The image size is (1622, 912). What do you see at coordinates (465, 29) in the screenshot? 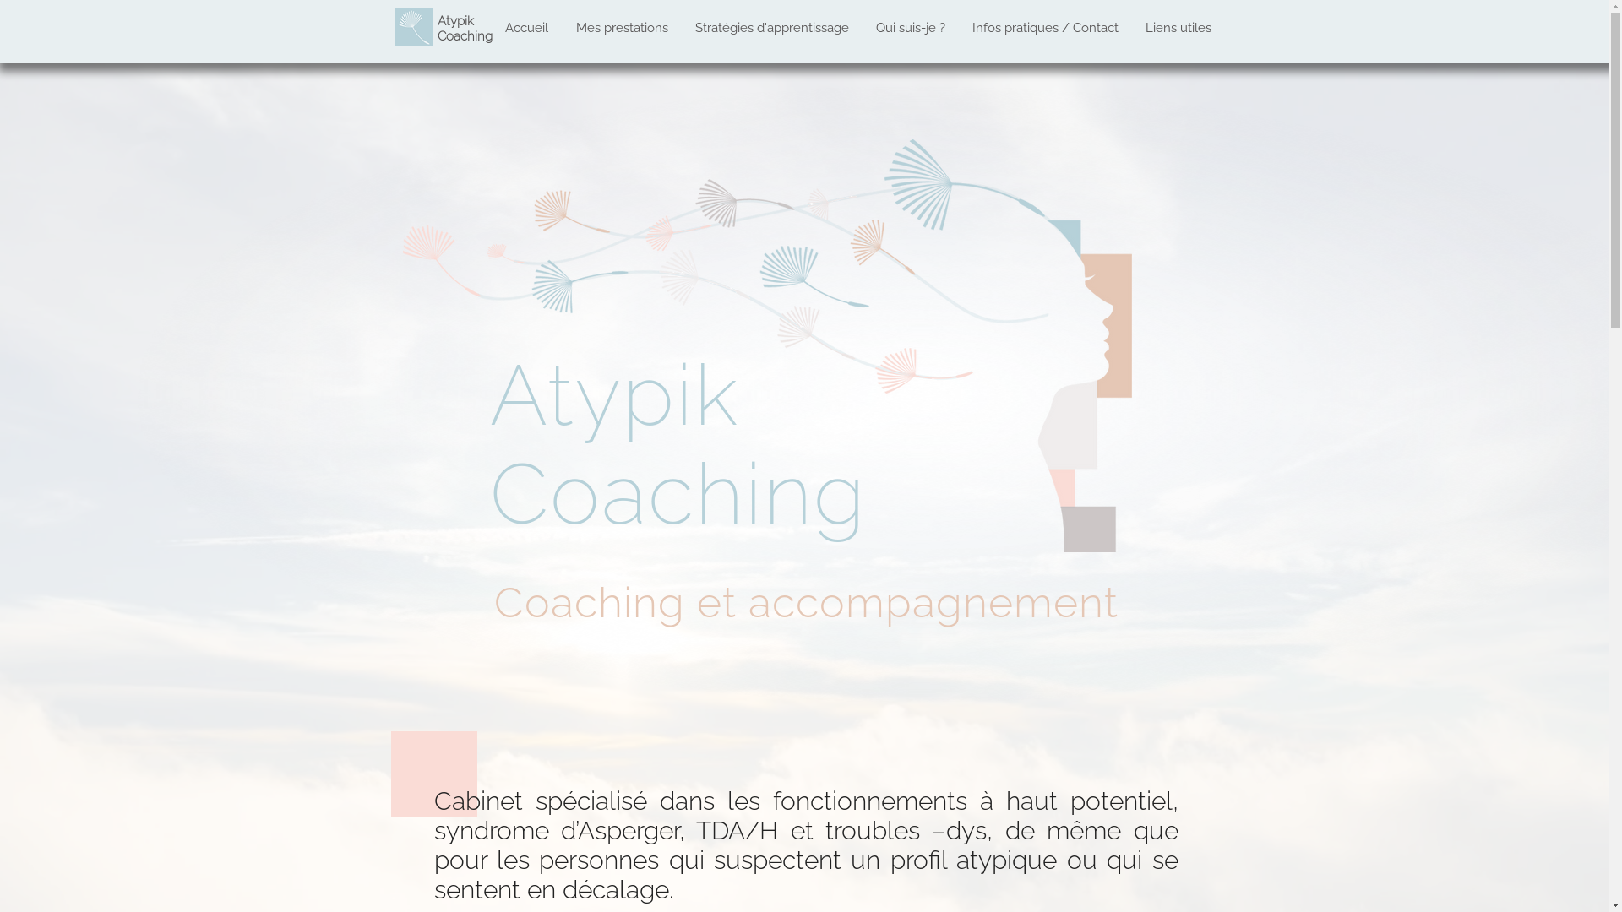
I see `'Atypik` at bounding box center [465, 29].